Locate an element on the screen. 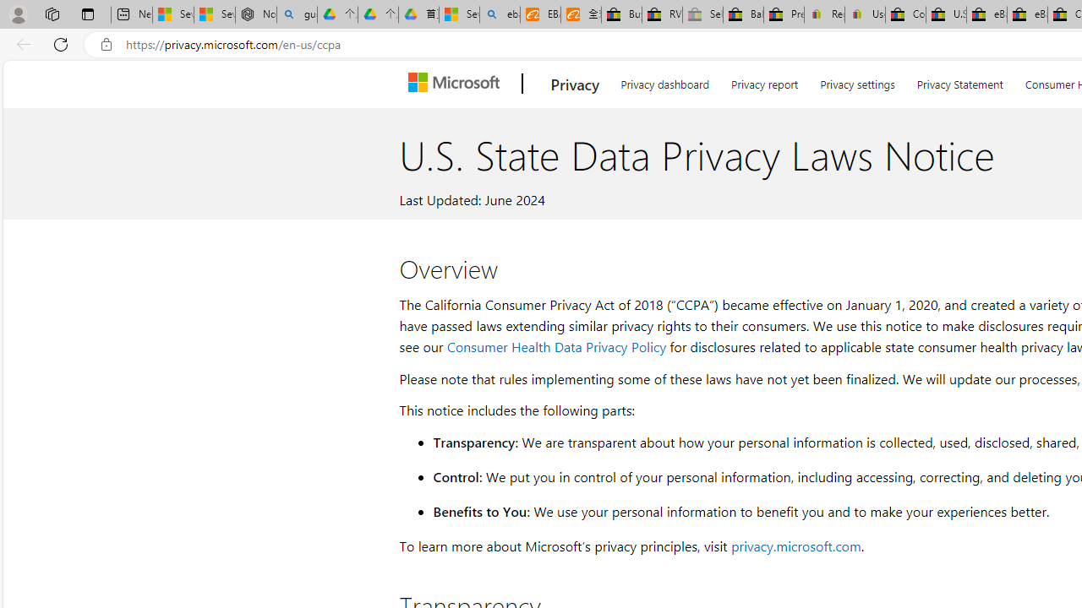 Image resolution: width=1082 pixels, height=608 pixels. 'Privacy dashboard' is located at coordinates (664, 81).